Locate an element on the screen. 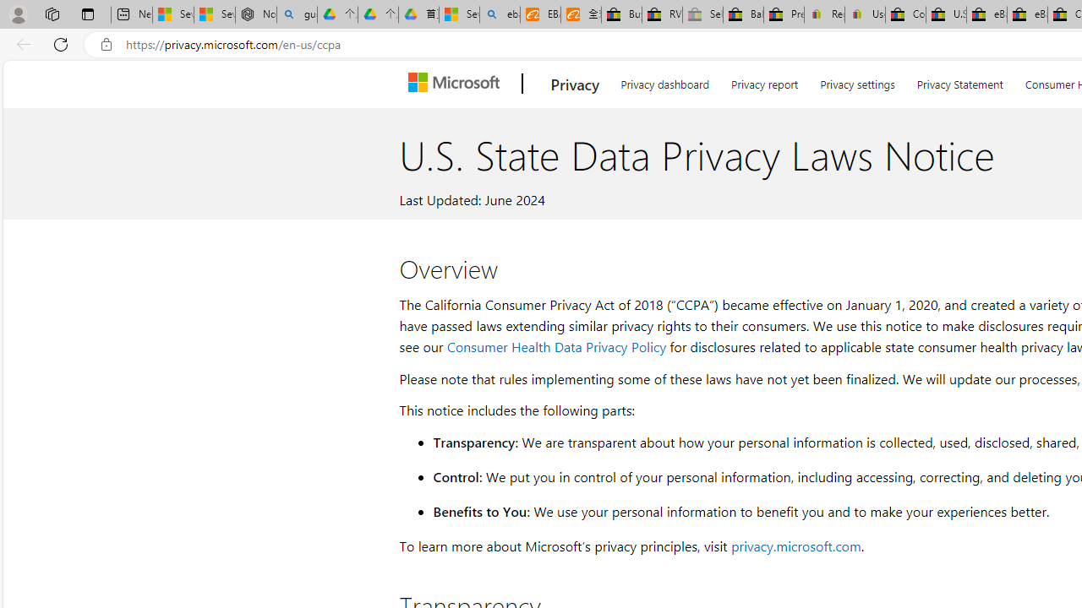 Image resolution: width=1082 pixels, height=608 pixels. 'Privacy dashboard' is located at coordinates (664, 81).